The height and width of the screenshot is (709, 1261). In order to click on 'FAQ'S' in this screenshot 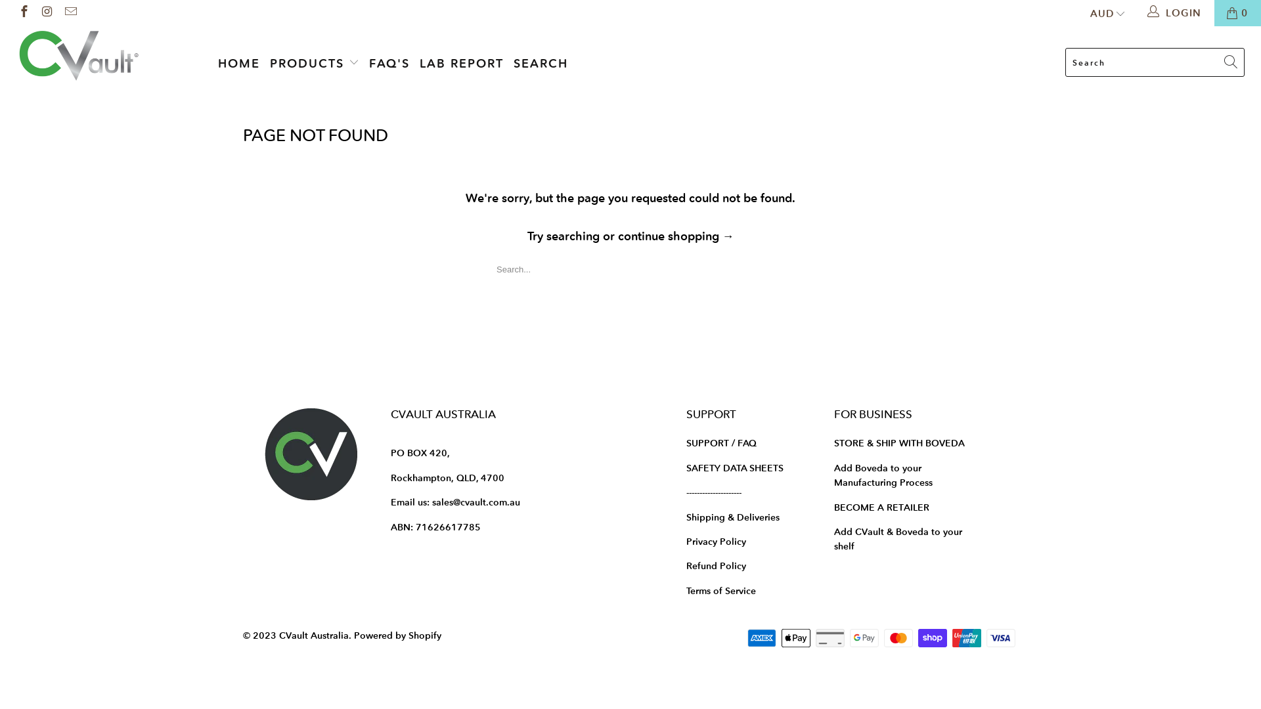, I will do `click(389, 63)`.